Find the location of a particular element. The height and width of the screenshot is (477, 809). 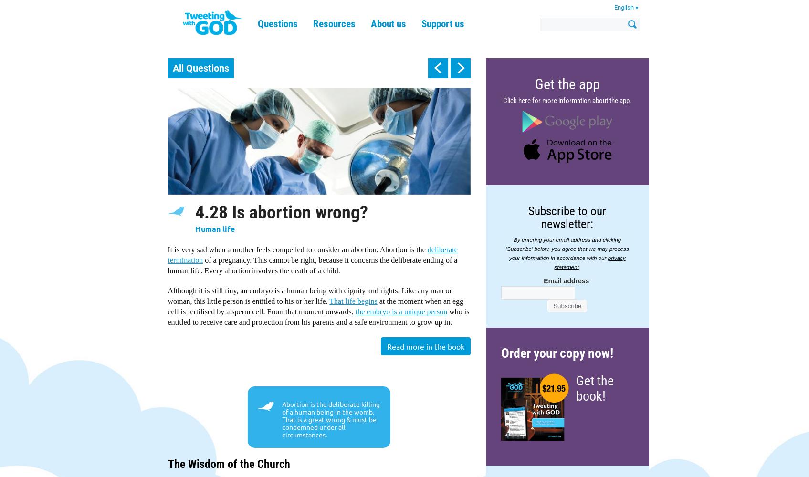

'privacy statement' is located at coordinates (589, 262).